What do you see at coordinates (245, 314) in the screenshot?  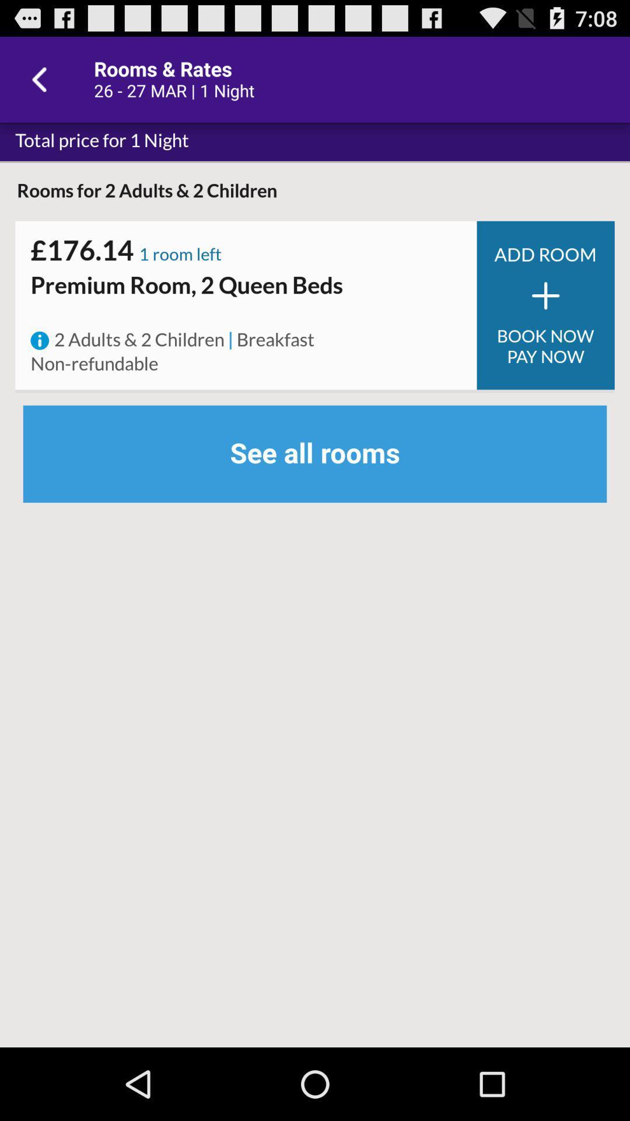 I see `item below the premium room 2` at bounding box center [245, 314].